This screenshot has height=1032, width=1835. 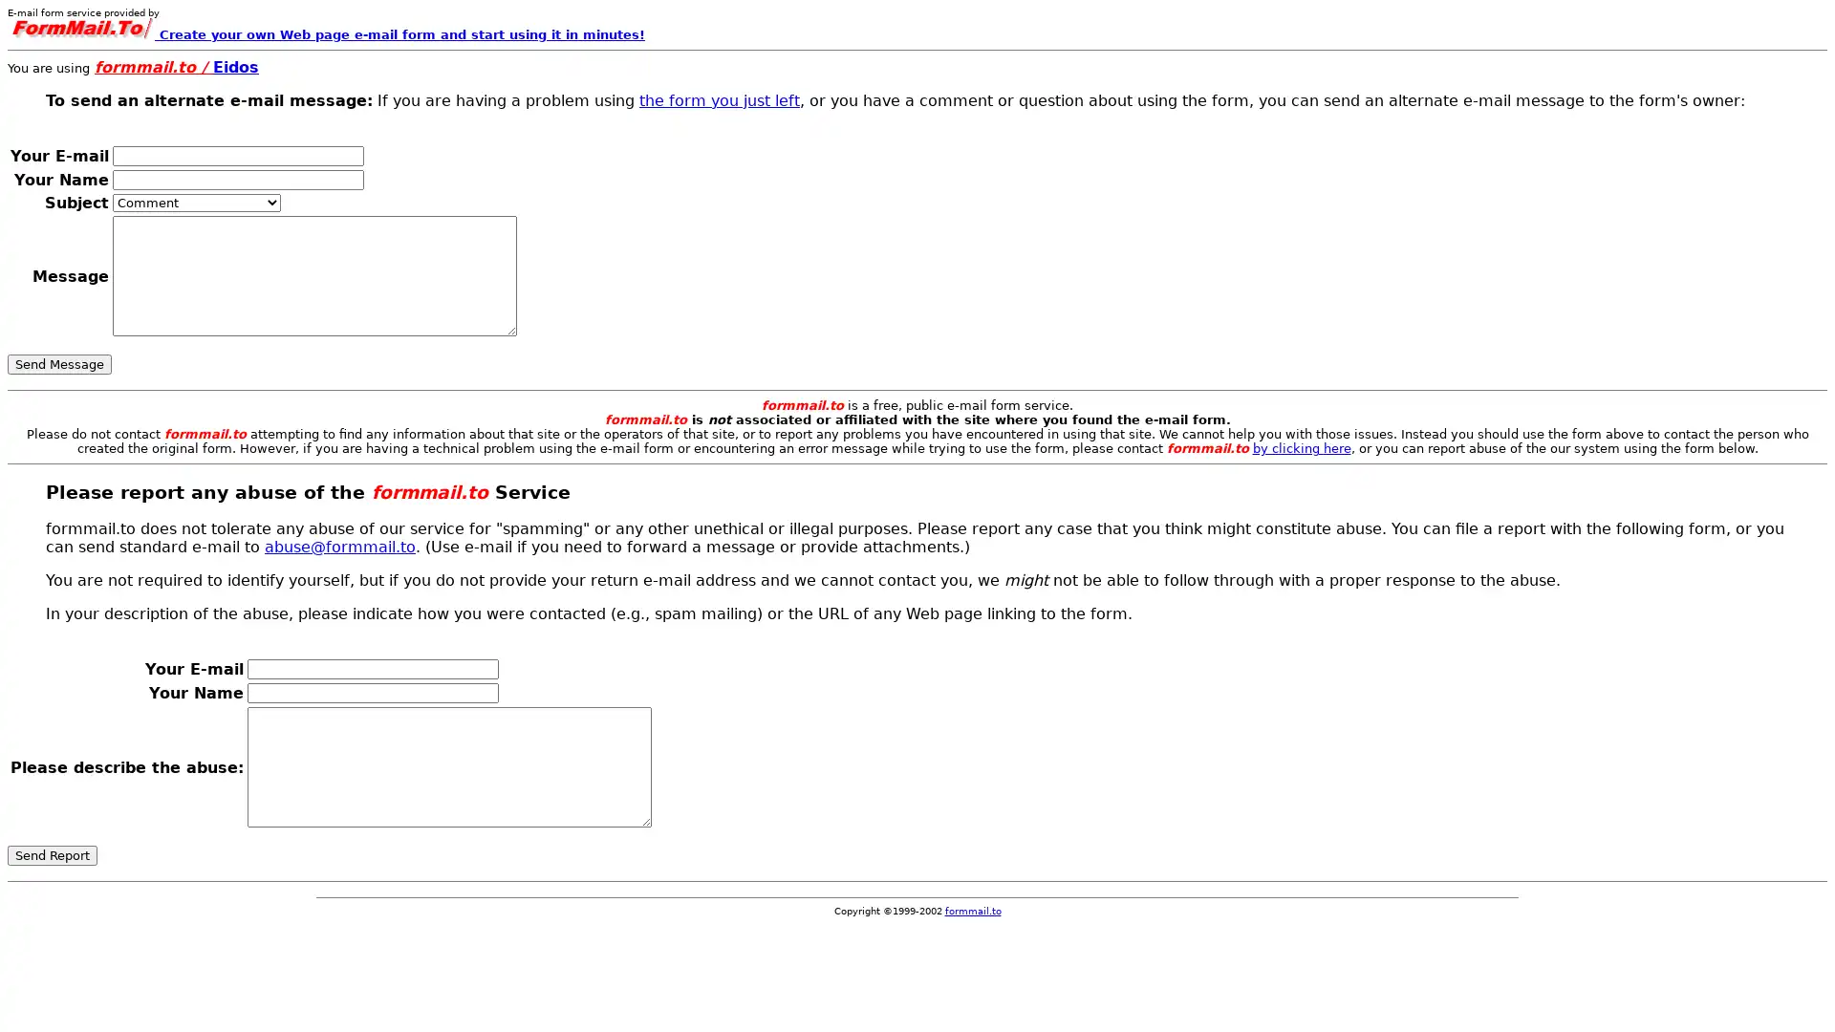 What do you see at coordinates (59, 364) in the screenshot?
I see `Send Message` at bounding box center [59, 364].